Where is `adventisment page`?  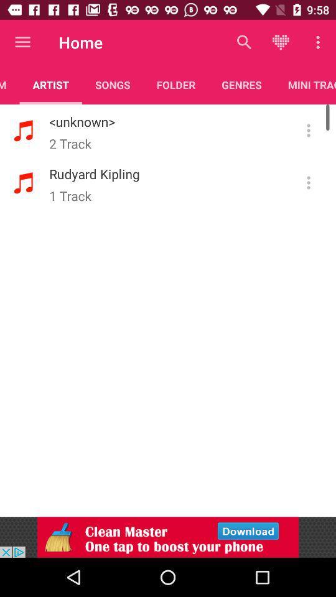
adventisment page is located at coordinates (168, 537).